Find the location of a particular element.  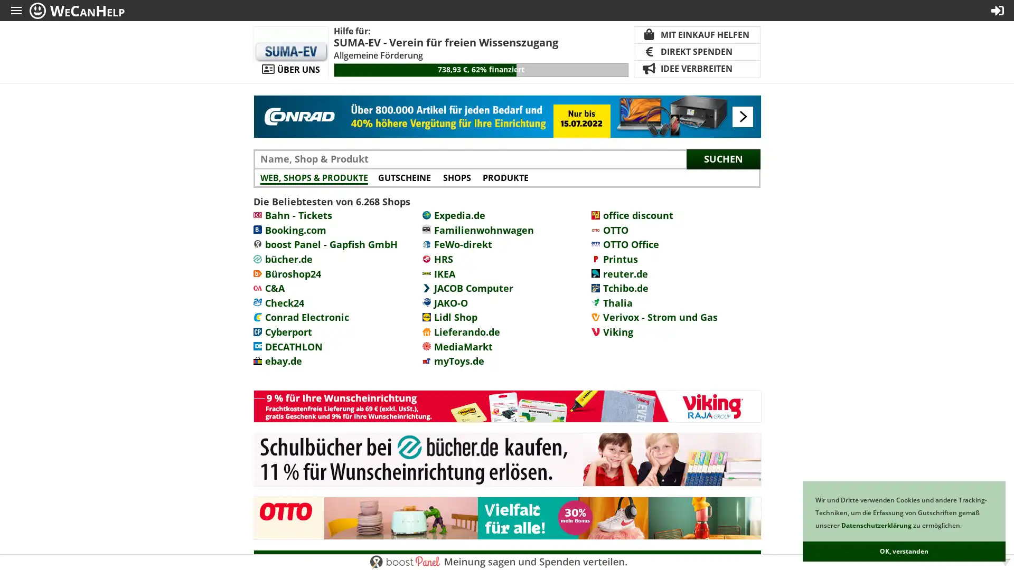

dismiss cookie message is located at coordinates (904, 551).